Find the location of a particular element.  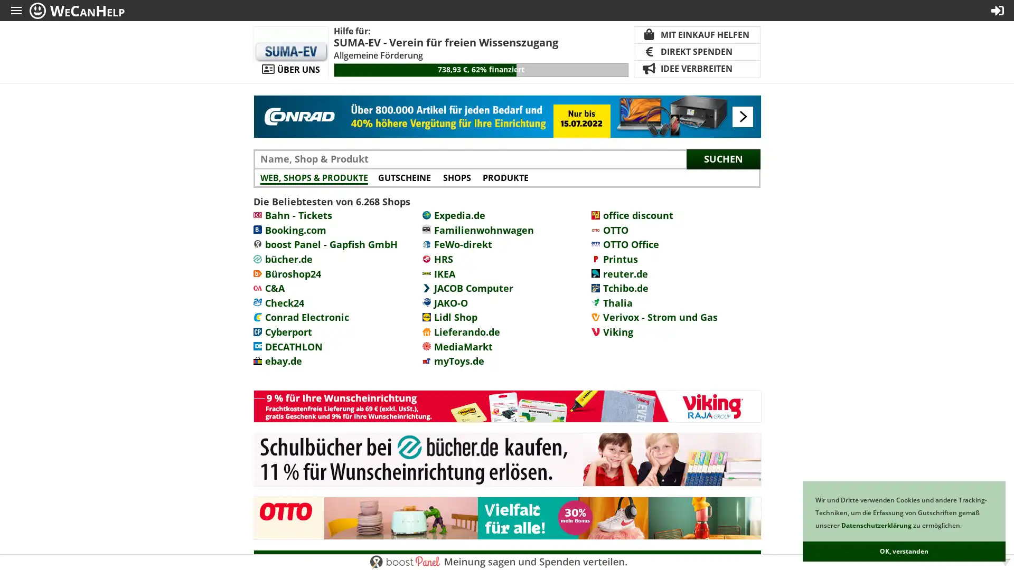

dismiss cookie message is located at coordinates (904, 551).